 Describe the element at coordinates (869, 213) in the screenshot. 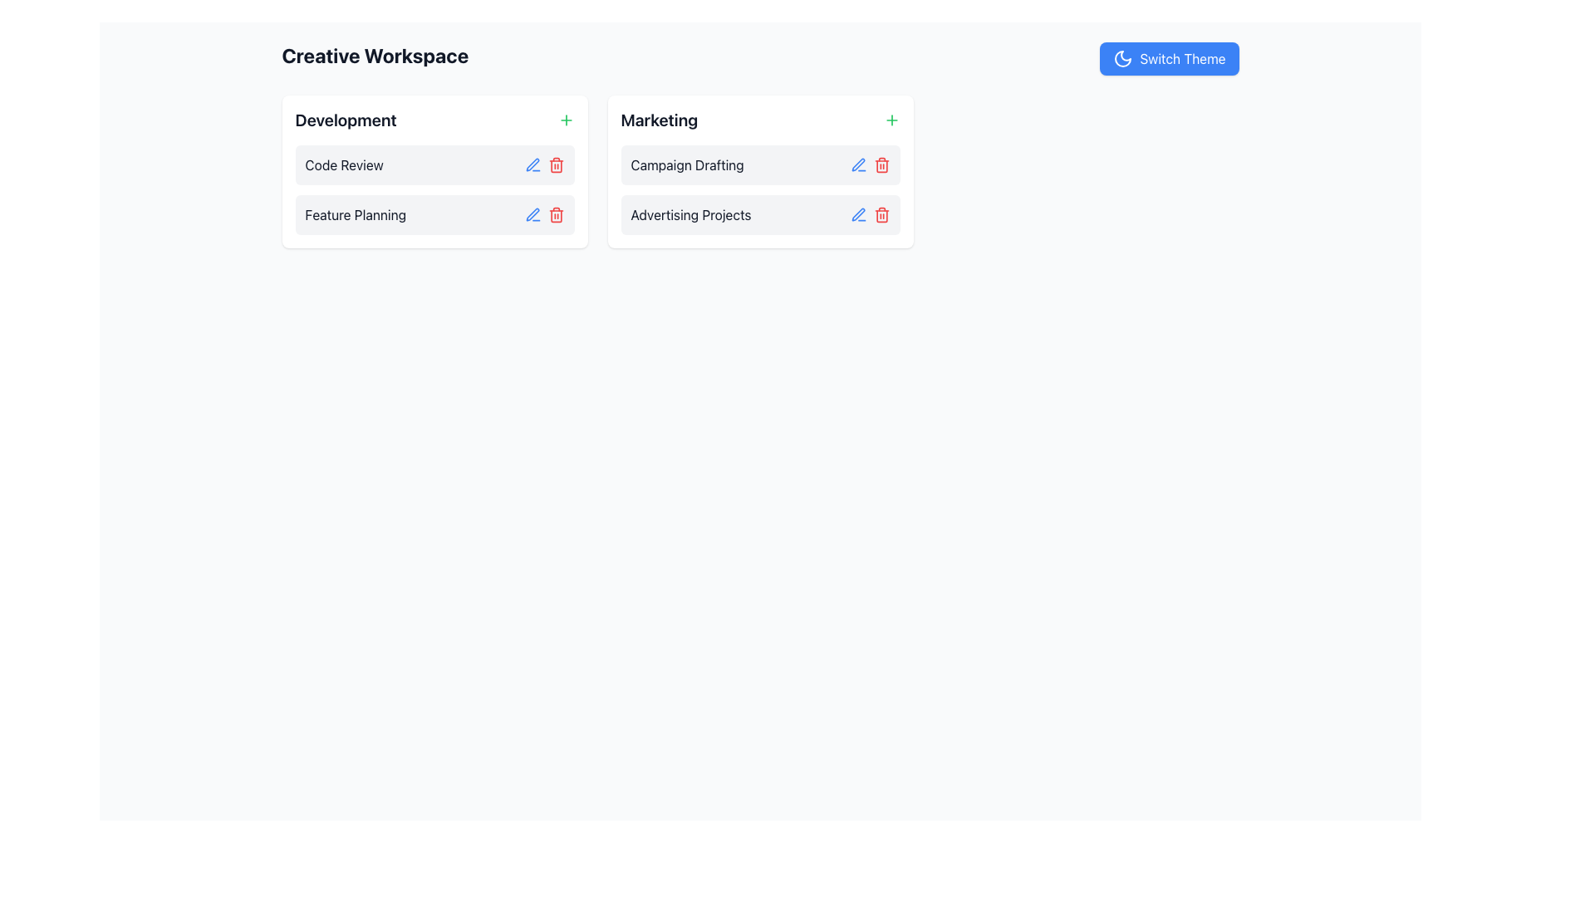

I see `the interactive toolbar icons located in the bottom-right corner of the 'Advertising Projects' card in the 'Marketing' column` at that location.